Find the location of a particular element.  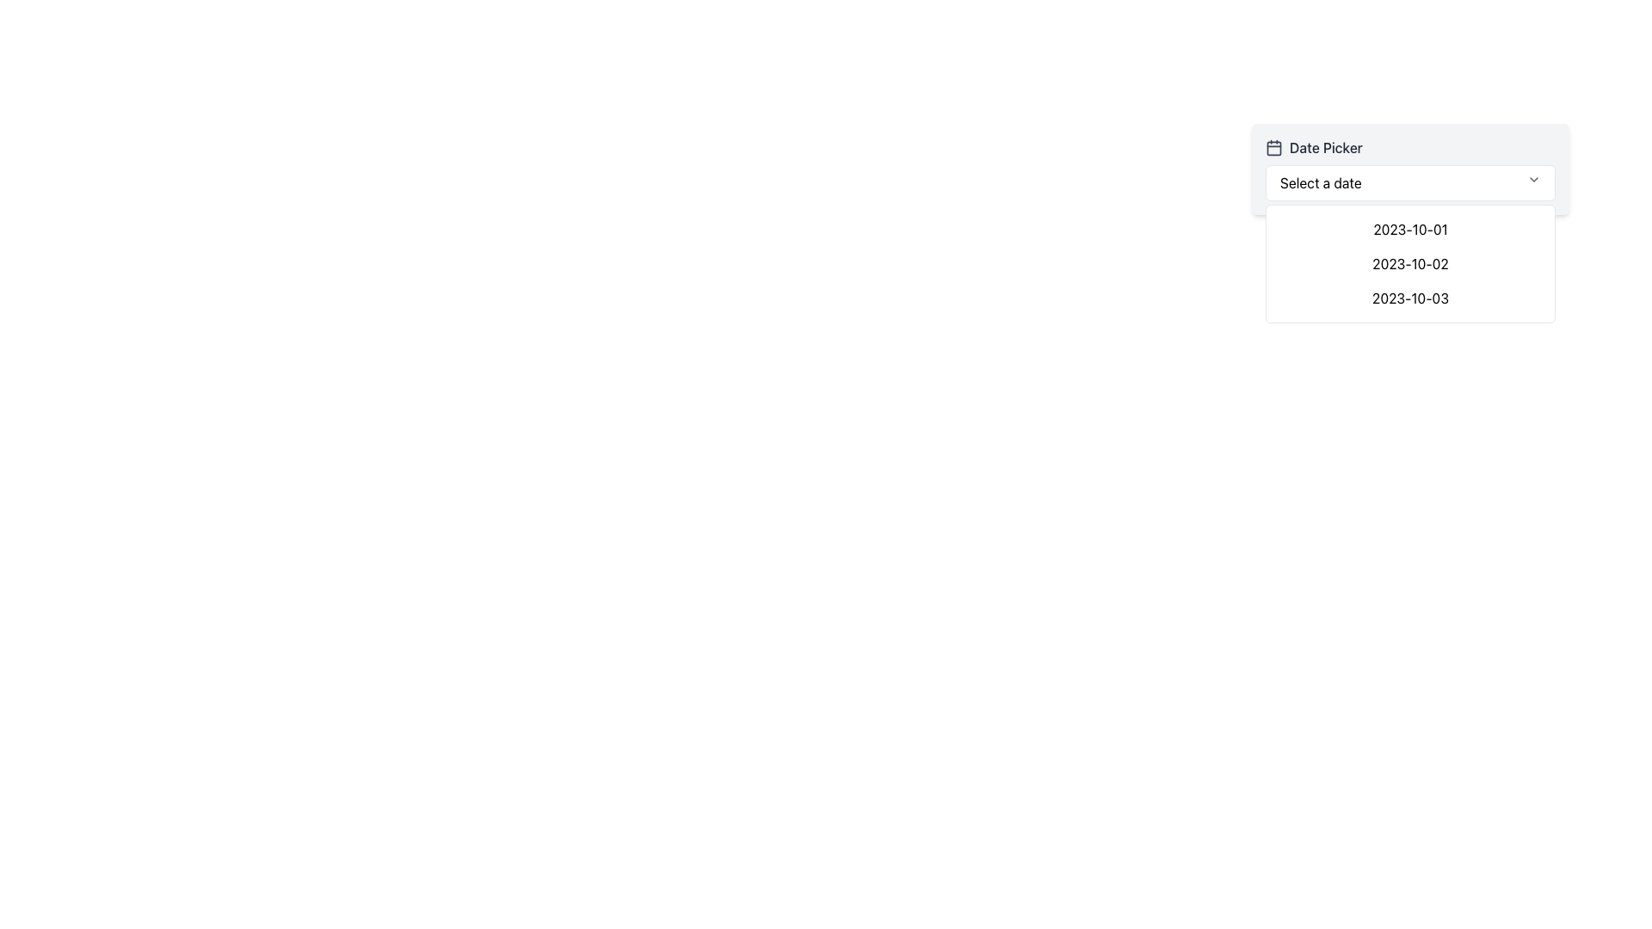

the text label displaying the date '2023-10-02', which is the second item in a vertically stacked list of dates in a dropdown menu is located at coordinates (1410, 264).